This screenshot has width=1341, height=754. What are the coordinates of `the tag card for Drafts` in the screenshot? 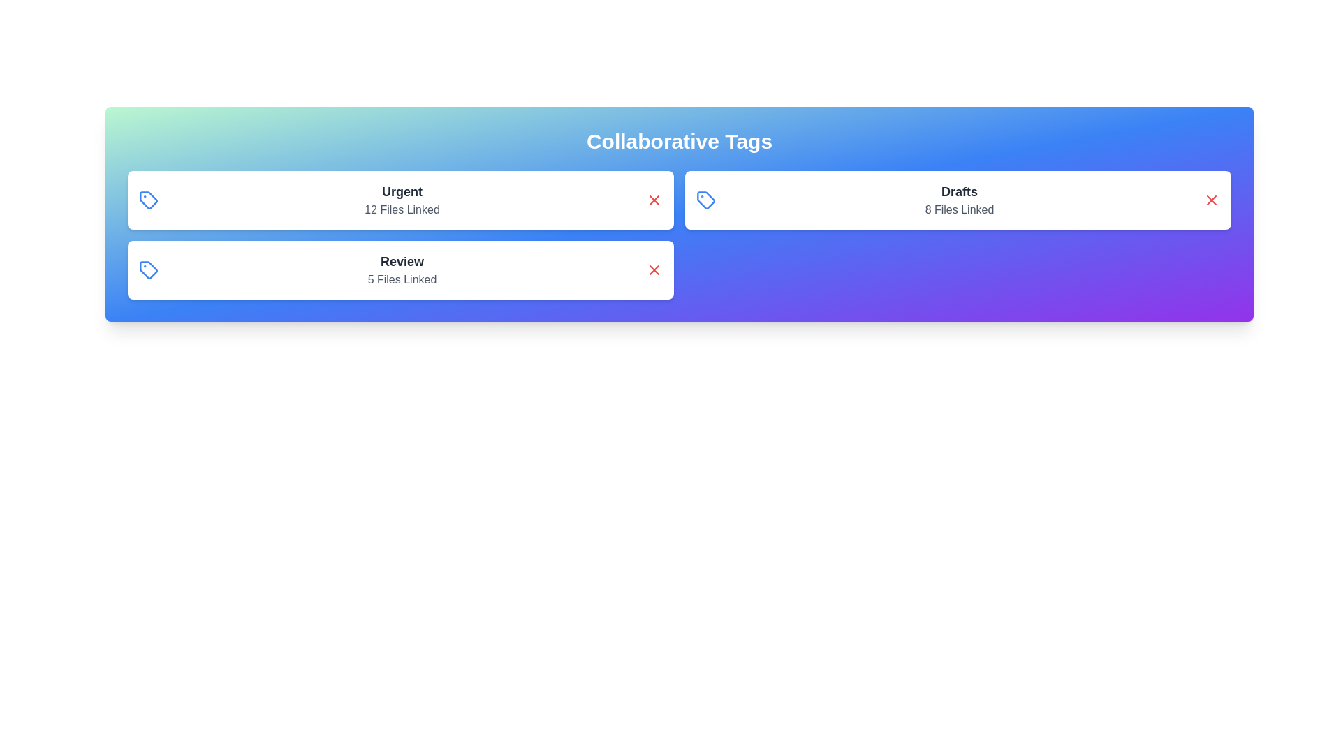 It's located at (958, 200).